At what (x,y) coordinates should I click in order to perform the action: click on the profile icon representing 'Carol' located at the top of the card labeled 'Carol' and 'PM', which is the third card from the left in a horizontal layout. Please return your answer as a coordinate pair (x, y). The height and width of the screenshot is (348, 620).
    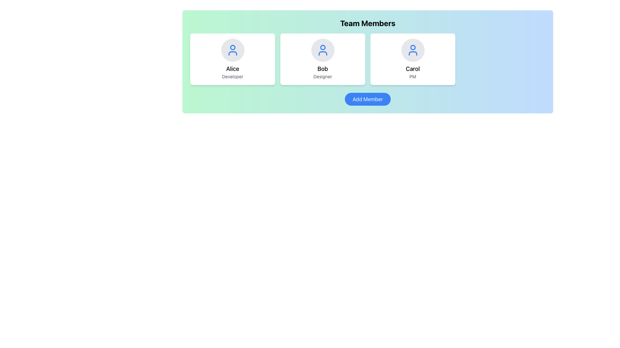
    Looking at the image, I should click on (412, 50).